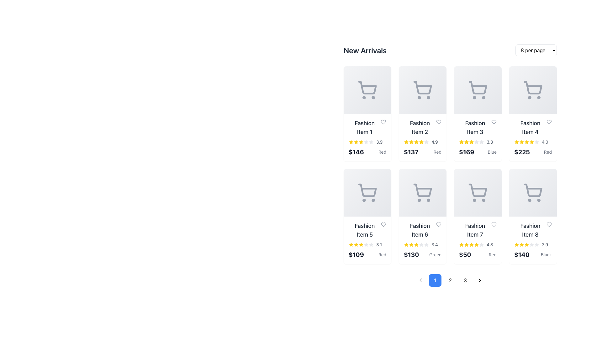 The width and height of the screenshot is (602, 338). Describe the element at coordinates (549, 122) in the screenshot. I see `the heart-shaped icon button located in the top-right corner of the 'Fashion Item 4' card to interact with it` at that location.